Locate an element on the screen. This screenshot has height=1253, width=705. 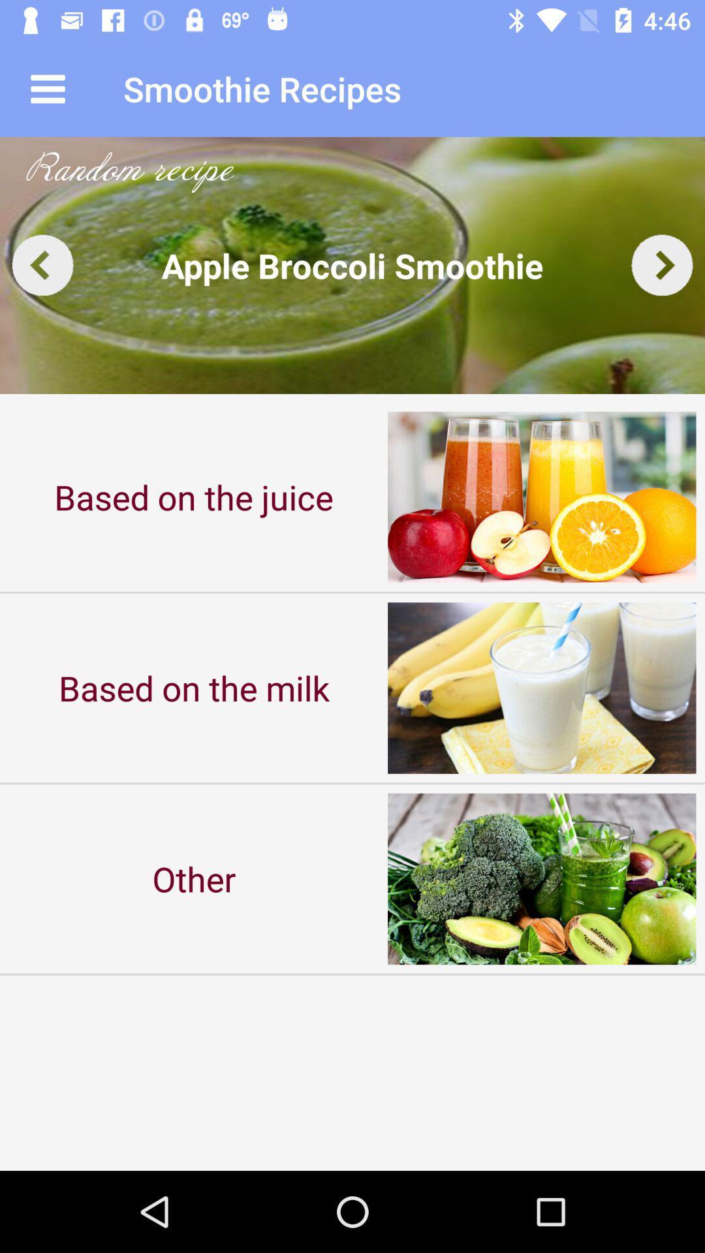
go forward is located at coordinates (662, 264).